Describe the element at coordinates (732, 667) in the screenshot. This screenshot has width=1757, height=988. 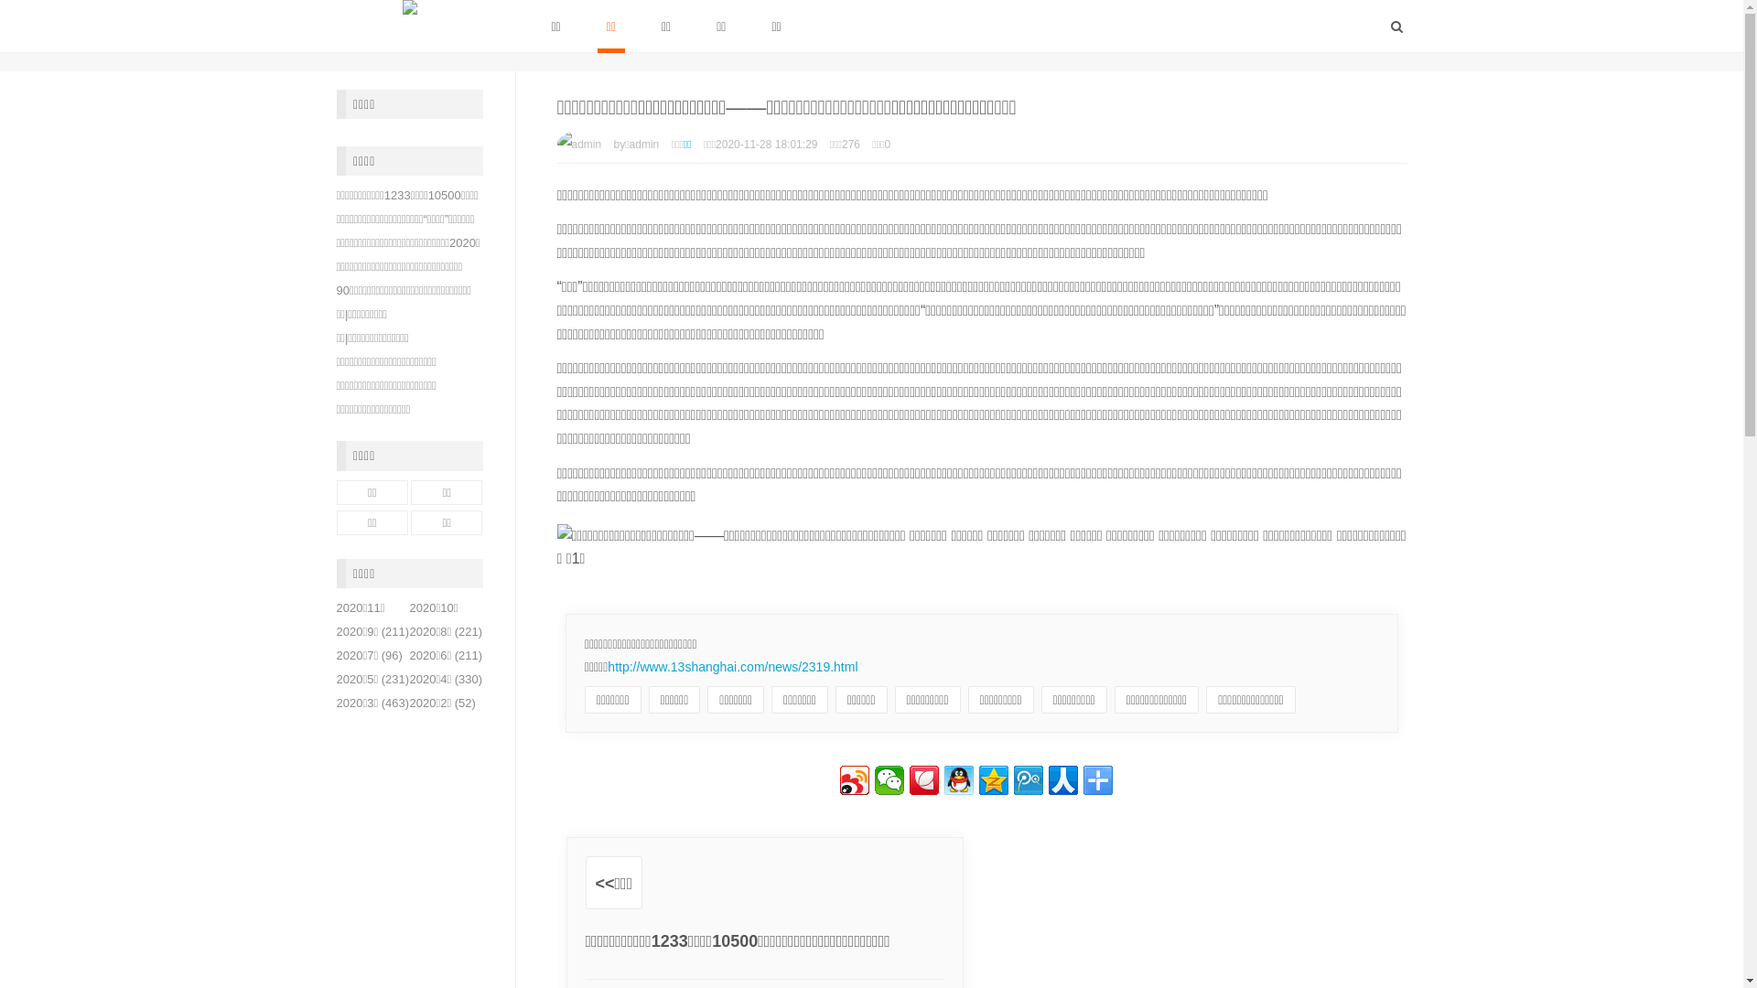
I see `'http://www.13shanghai.com/news/2319.html'` at that location.